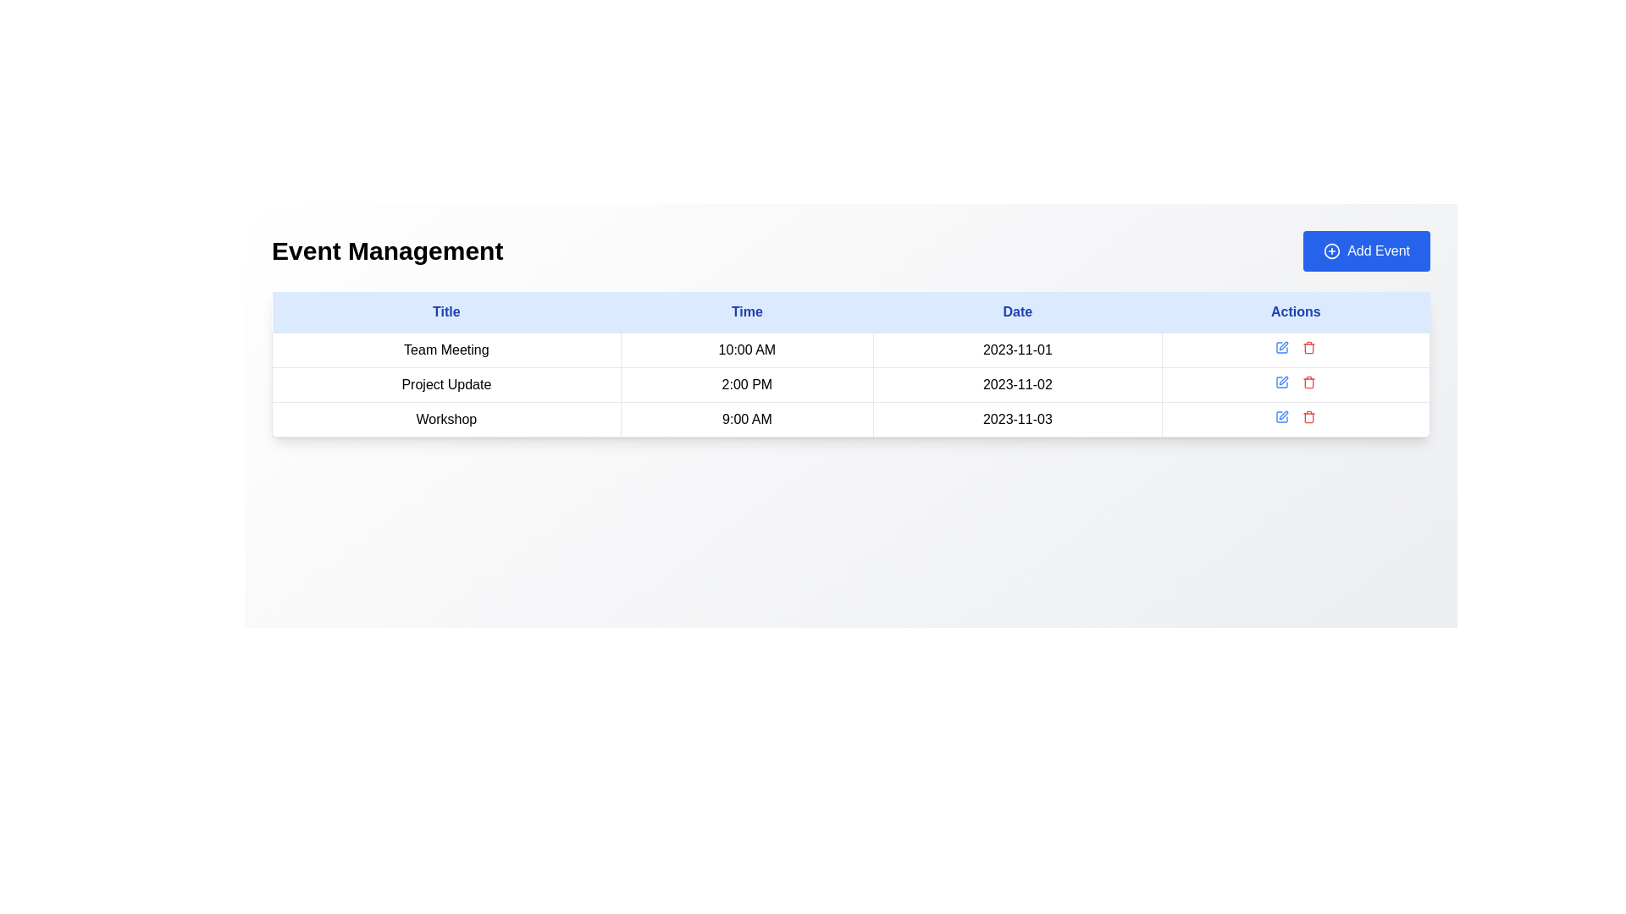  What do you see at coordinates (1295, 312) in the screenshot?
I see `the 'Actions' header label located in the rightmost cell of the table header, which indicates the content and function of the 'Actions' column` at bounding box center [1295, 312].